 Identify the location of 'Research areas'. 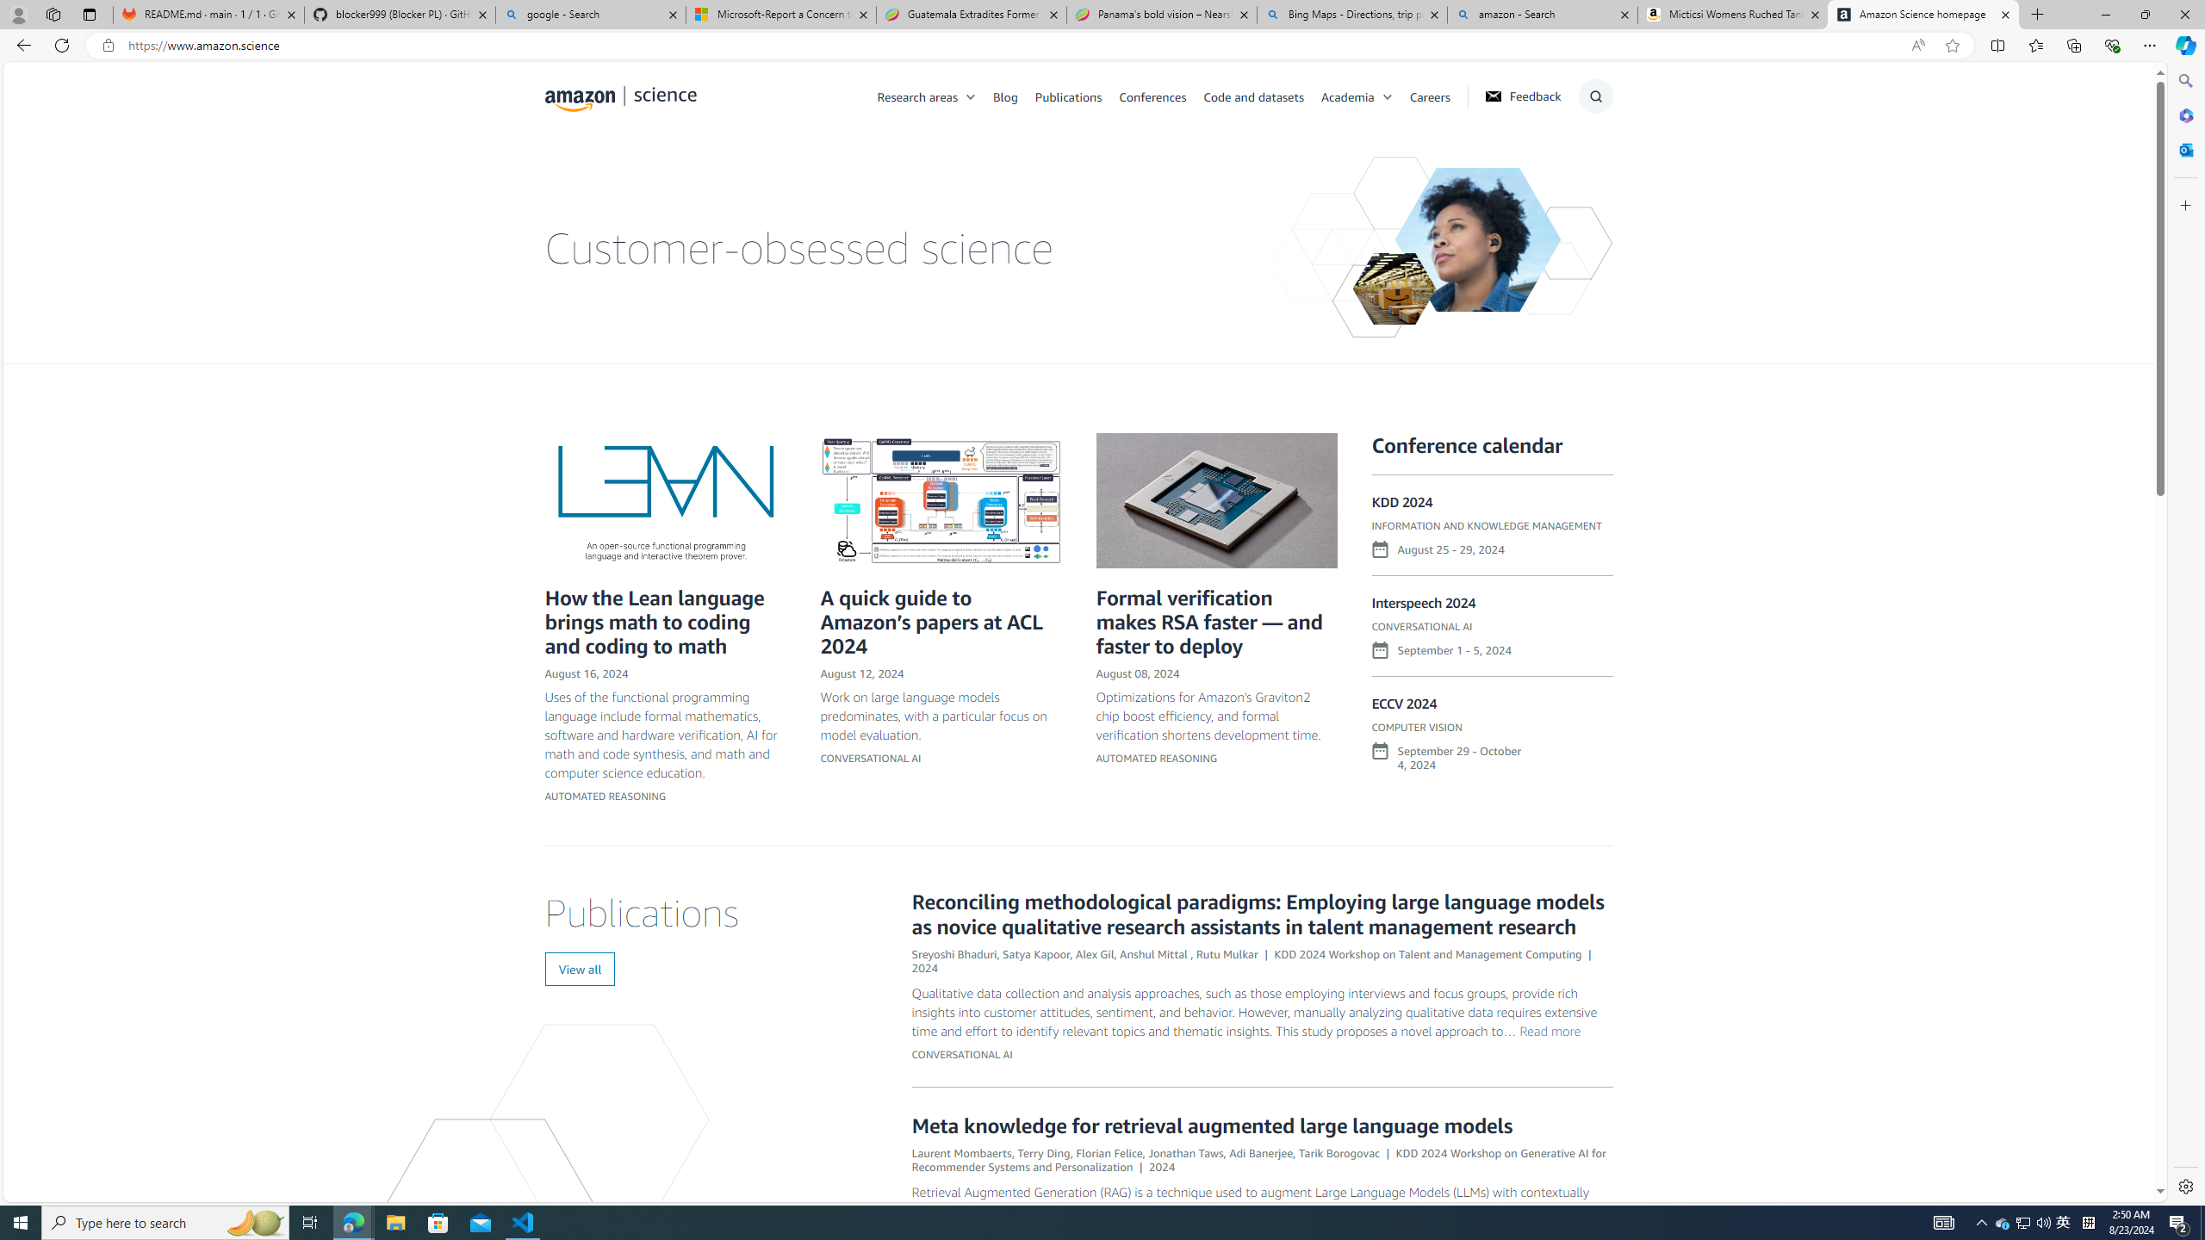
(917, 96).